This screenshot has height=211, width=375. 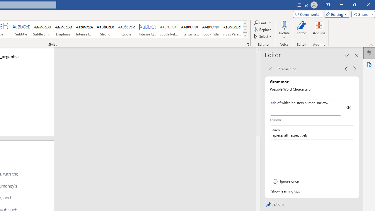 I want to click on 'Editing', so click(x=335, y=14).